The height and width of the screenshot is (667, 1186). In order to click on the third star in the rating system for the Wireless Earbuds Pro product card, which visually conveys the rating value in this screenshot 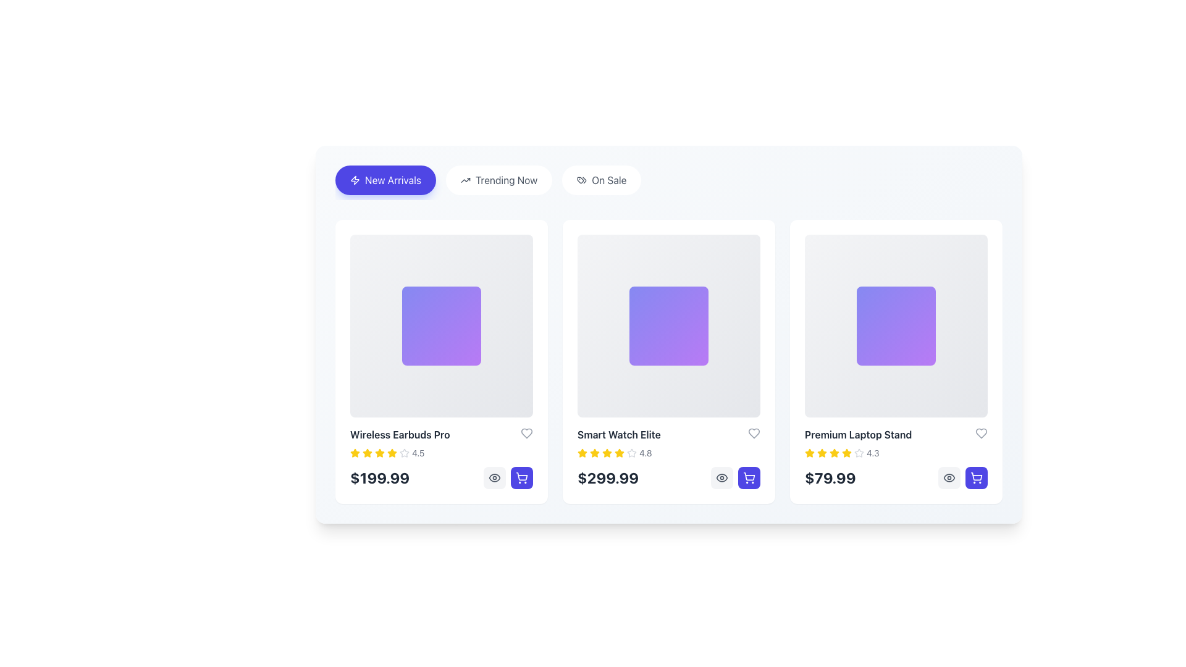, I will do `click(379, 453)`.